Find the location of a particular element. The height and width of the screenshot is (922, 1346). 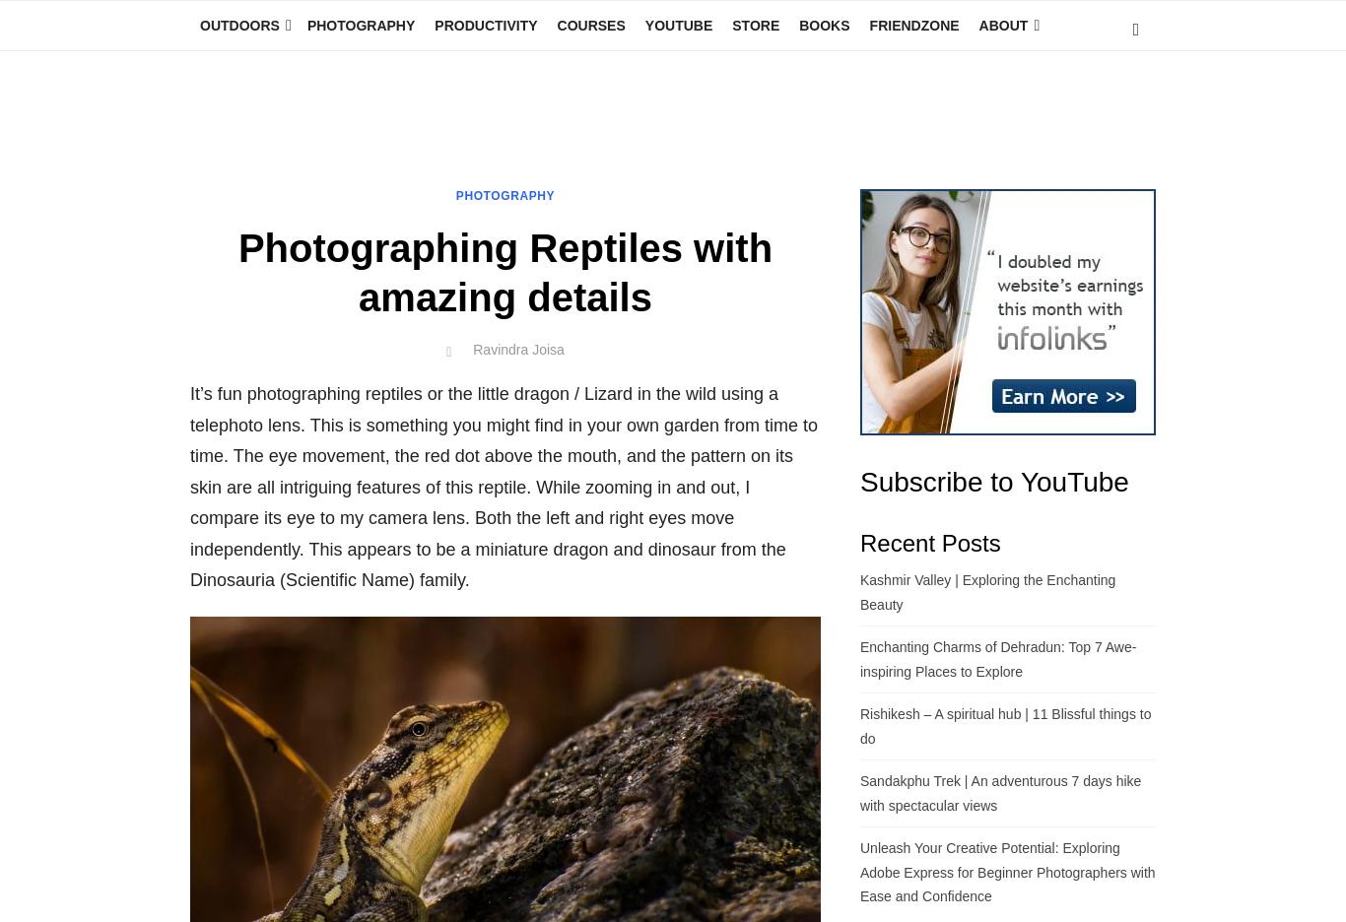

'YouTube' is located at coordinates (678, 25).